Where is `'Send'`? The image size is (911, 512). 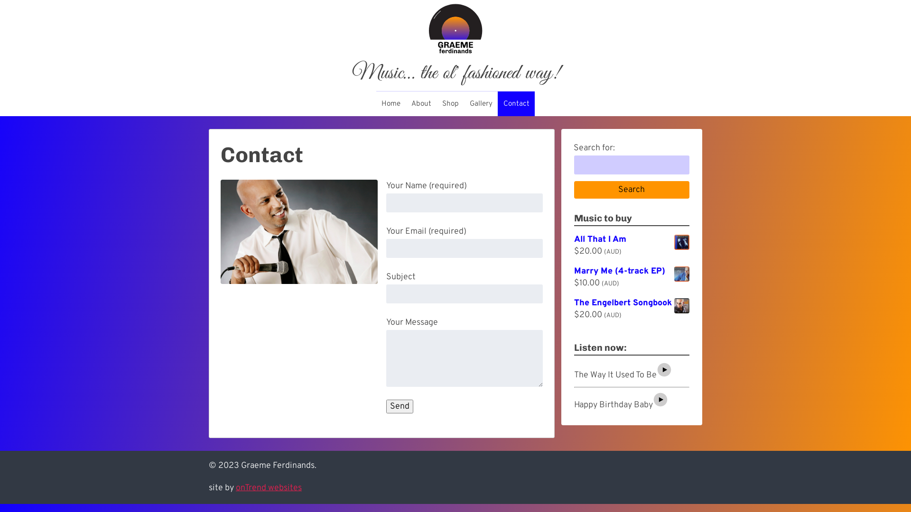 'Send' is located at coordinates (400, 405).